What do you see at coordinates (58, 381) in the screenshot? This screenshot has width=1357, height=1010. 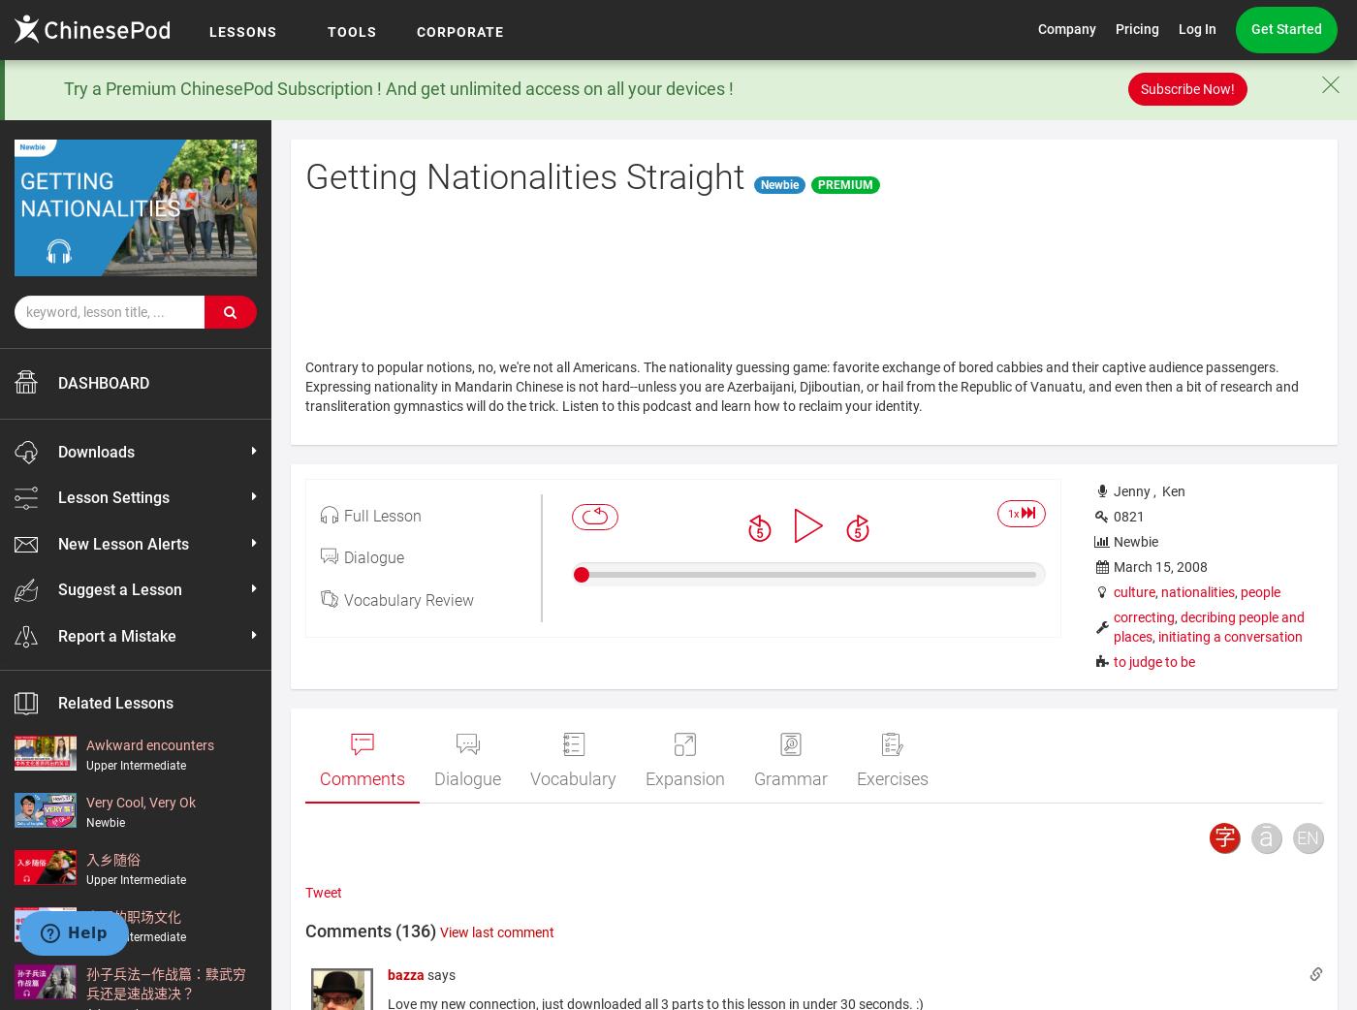 I see `'DASHBOARD'` at bounding box center [58, 381].